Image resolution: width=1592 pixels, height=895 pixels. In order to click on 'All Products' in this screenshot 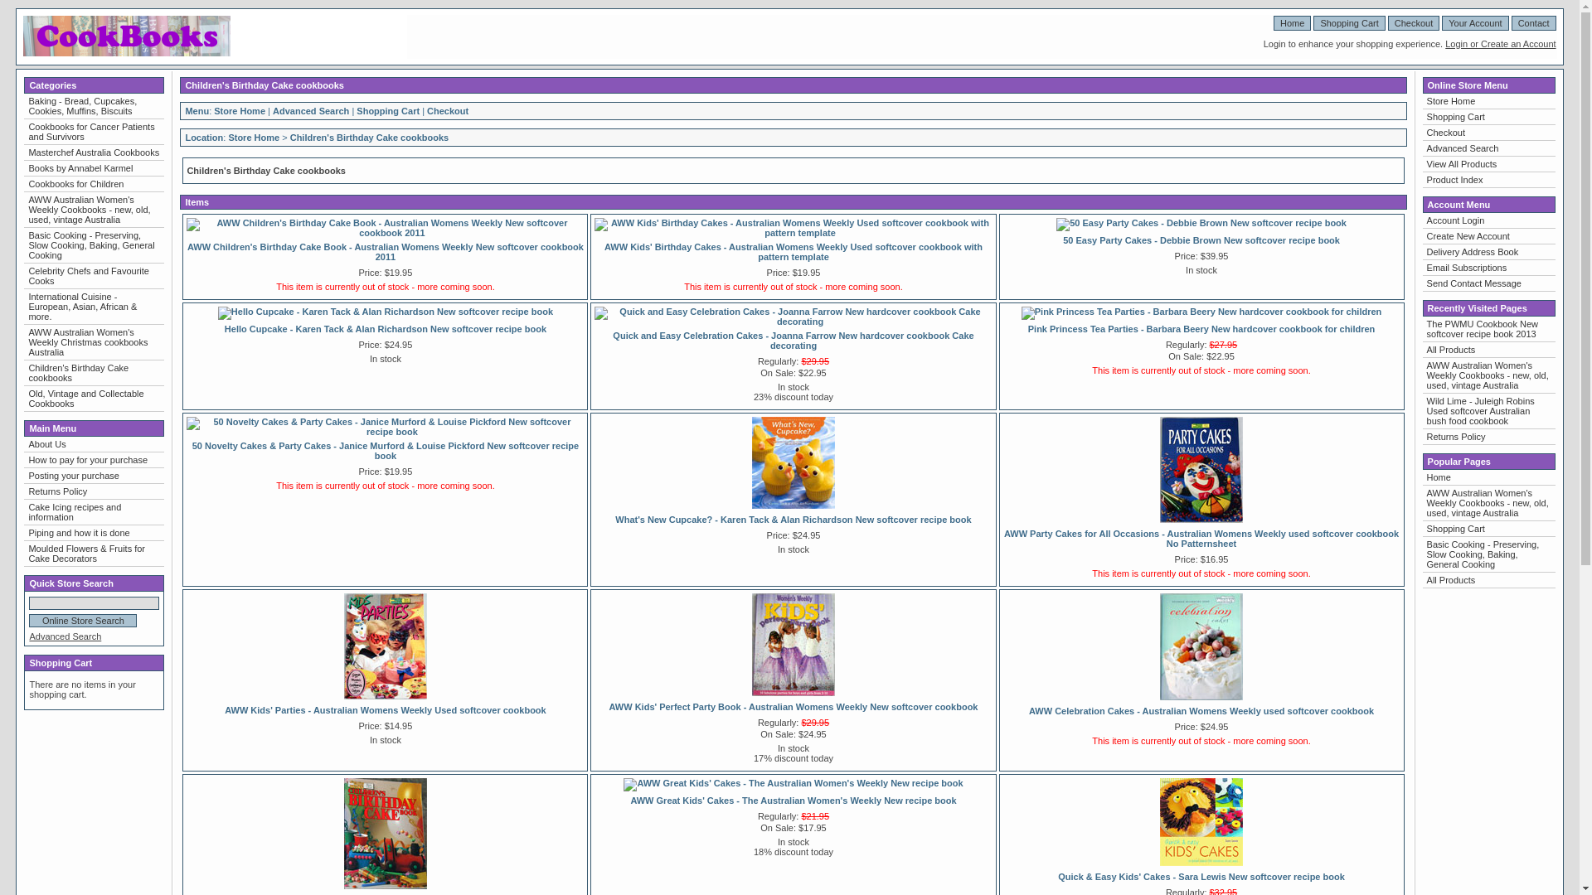, I will do `click(1488, 348)`.